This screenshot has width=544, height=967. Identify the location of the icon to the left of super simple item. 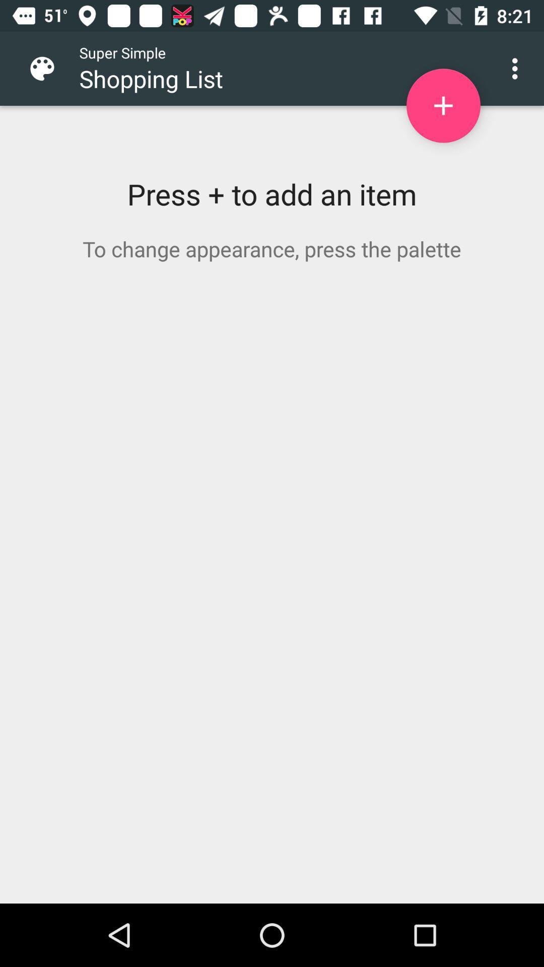
(50, 68).